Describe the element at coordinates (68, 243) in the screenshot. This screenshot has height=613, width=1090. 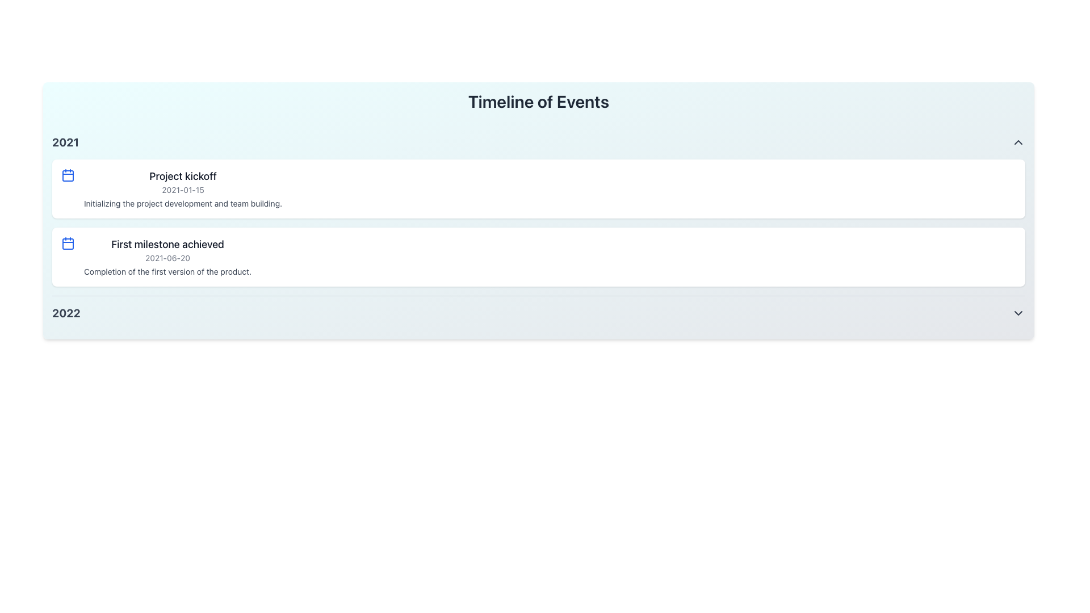
I see `metadata associated with the blue calendar icon, which is a square icon with rounded corners, located within a calendar-like design` at that location.